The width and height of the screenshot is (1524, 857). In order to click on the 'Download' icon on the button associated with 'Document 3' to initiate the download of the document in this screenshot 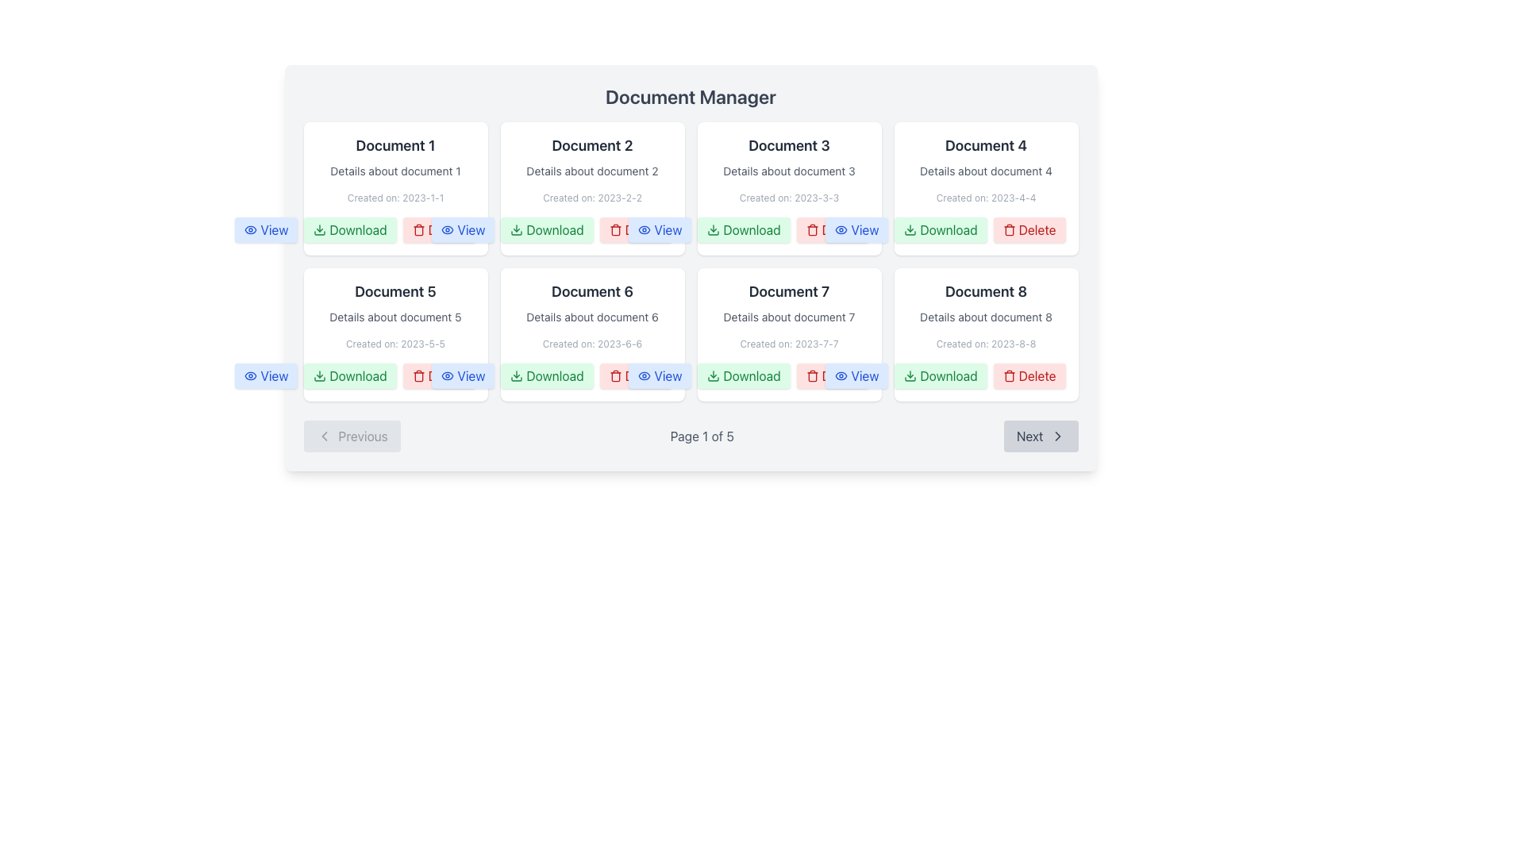, I will do `click(910, 229)`.